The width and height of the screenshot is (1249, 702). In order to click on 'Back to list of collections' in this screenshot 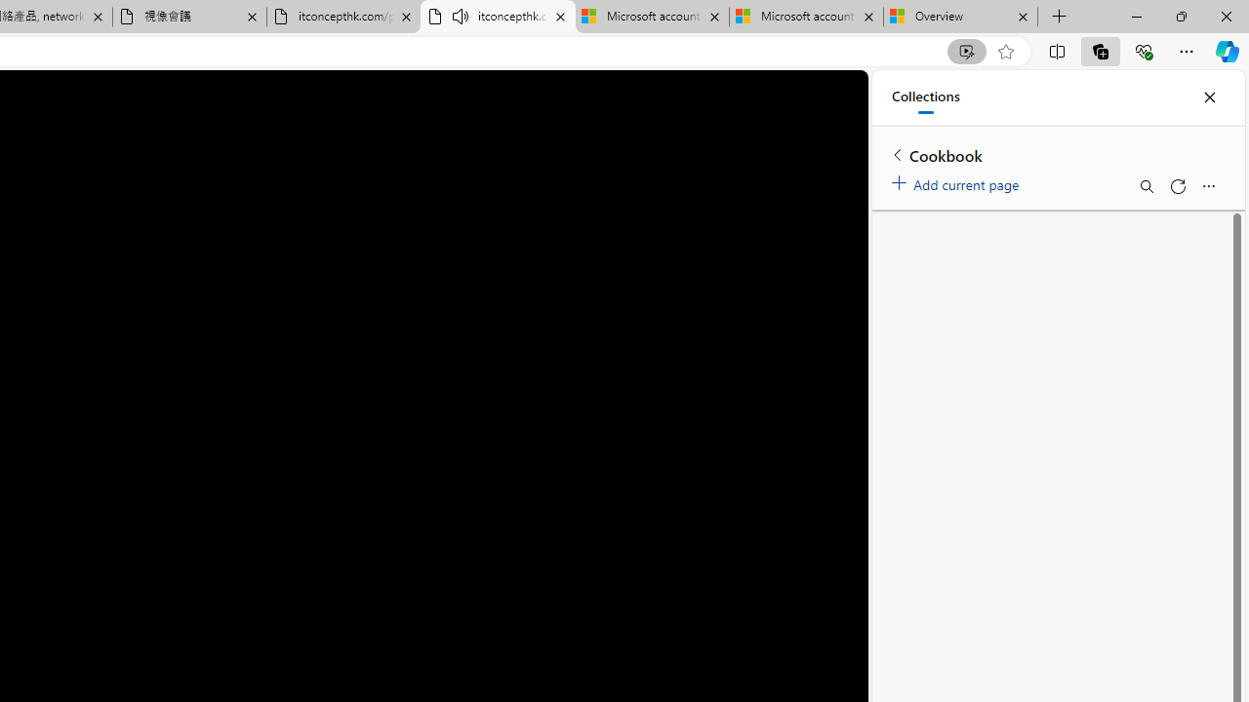, I will do `click(897, 154)`.